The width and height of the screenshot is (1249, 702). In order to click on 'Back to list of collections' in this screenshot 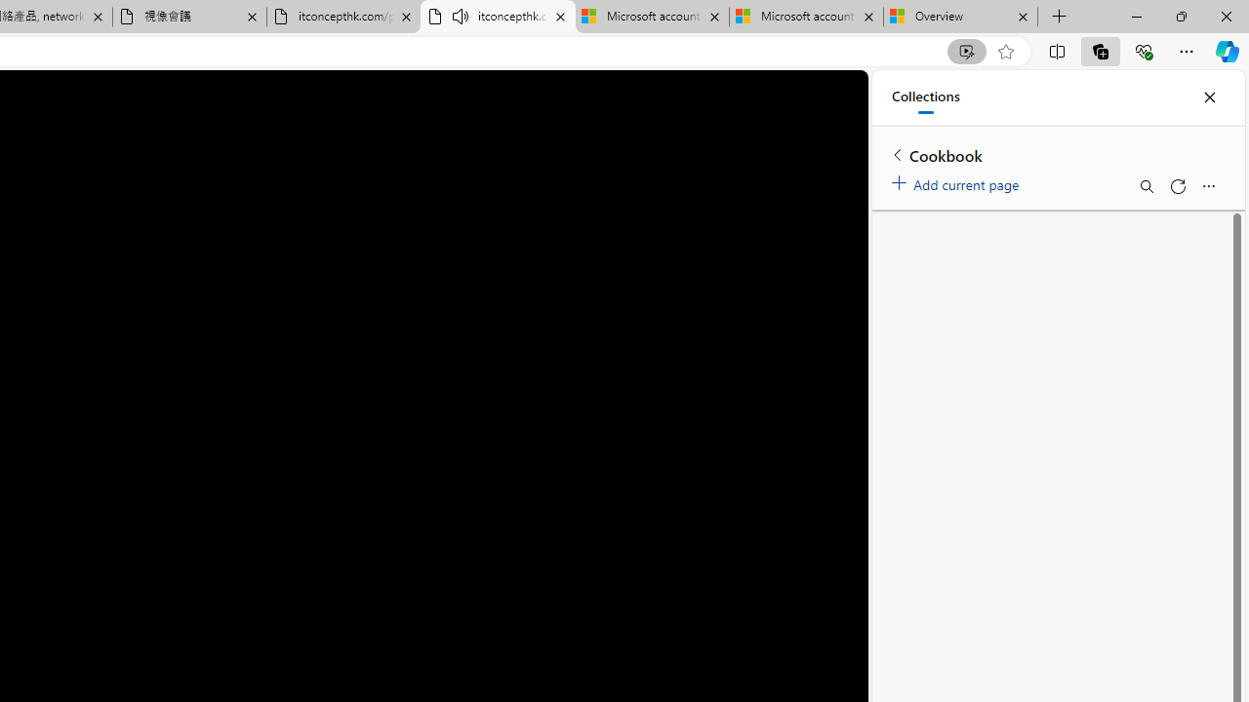, I will do `click(897, 154)`.